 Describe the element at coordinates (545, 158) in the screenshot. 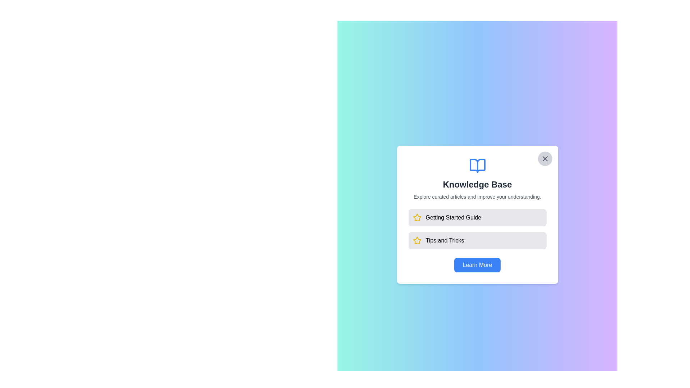

I see `the 'X' icon button located` at that location.